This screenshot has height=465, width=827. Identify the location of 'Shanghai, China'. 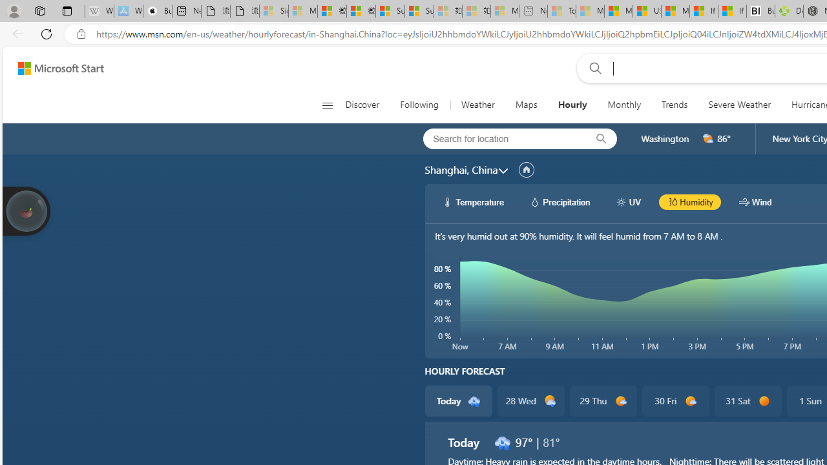
(461, 169).